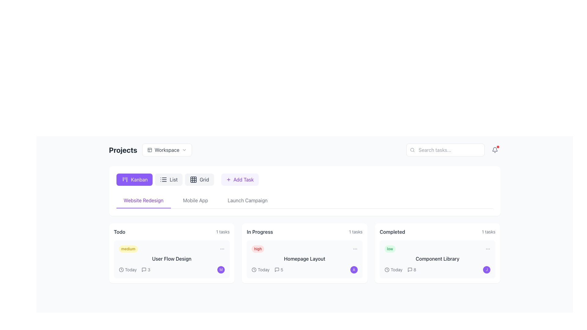 This screenshot has height=330, width=587. I want to click on the 'Today' label with a clock icon located in the 'Todo' section under the 'User Flow Design' card, so click(127, 269).